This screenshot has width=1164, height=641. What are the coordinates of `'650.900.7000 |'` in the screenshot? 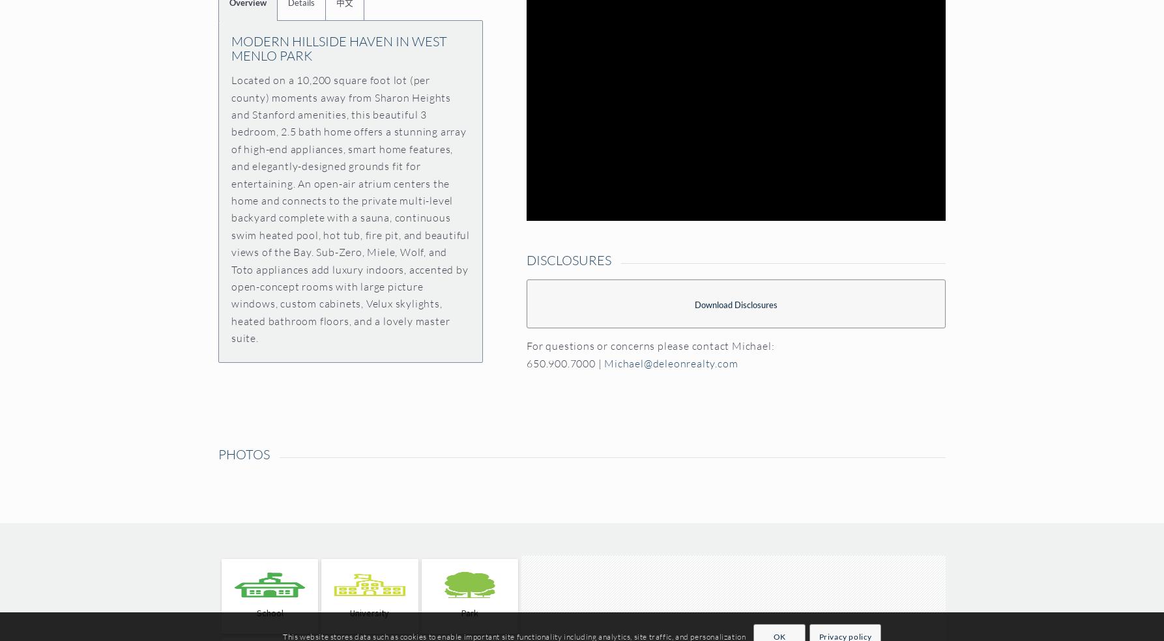 It's located at (525, 363).